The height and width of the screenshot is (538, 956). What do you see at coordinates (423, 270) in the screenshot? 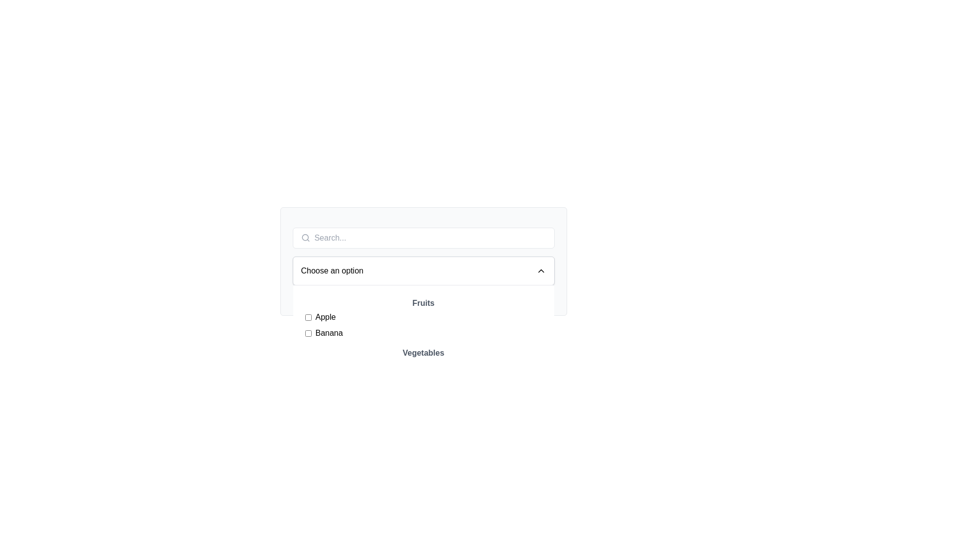
I see `the Dropdown menu trigger labeled 'Choose an option'` at bounding box center [423, 270].